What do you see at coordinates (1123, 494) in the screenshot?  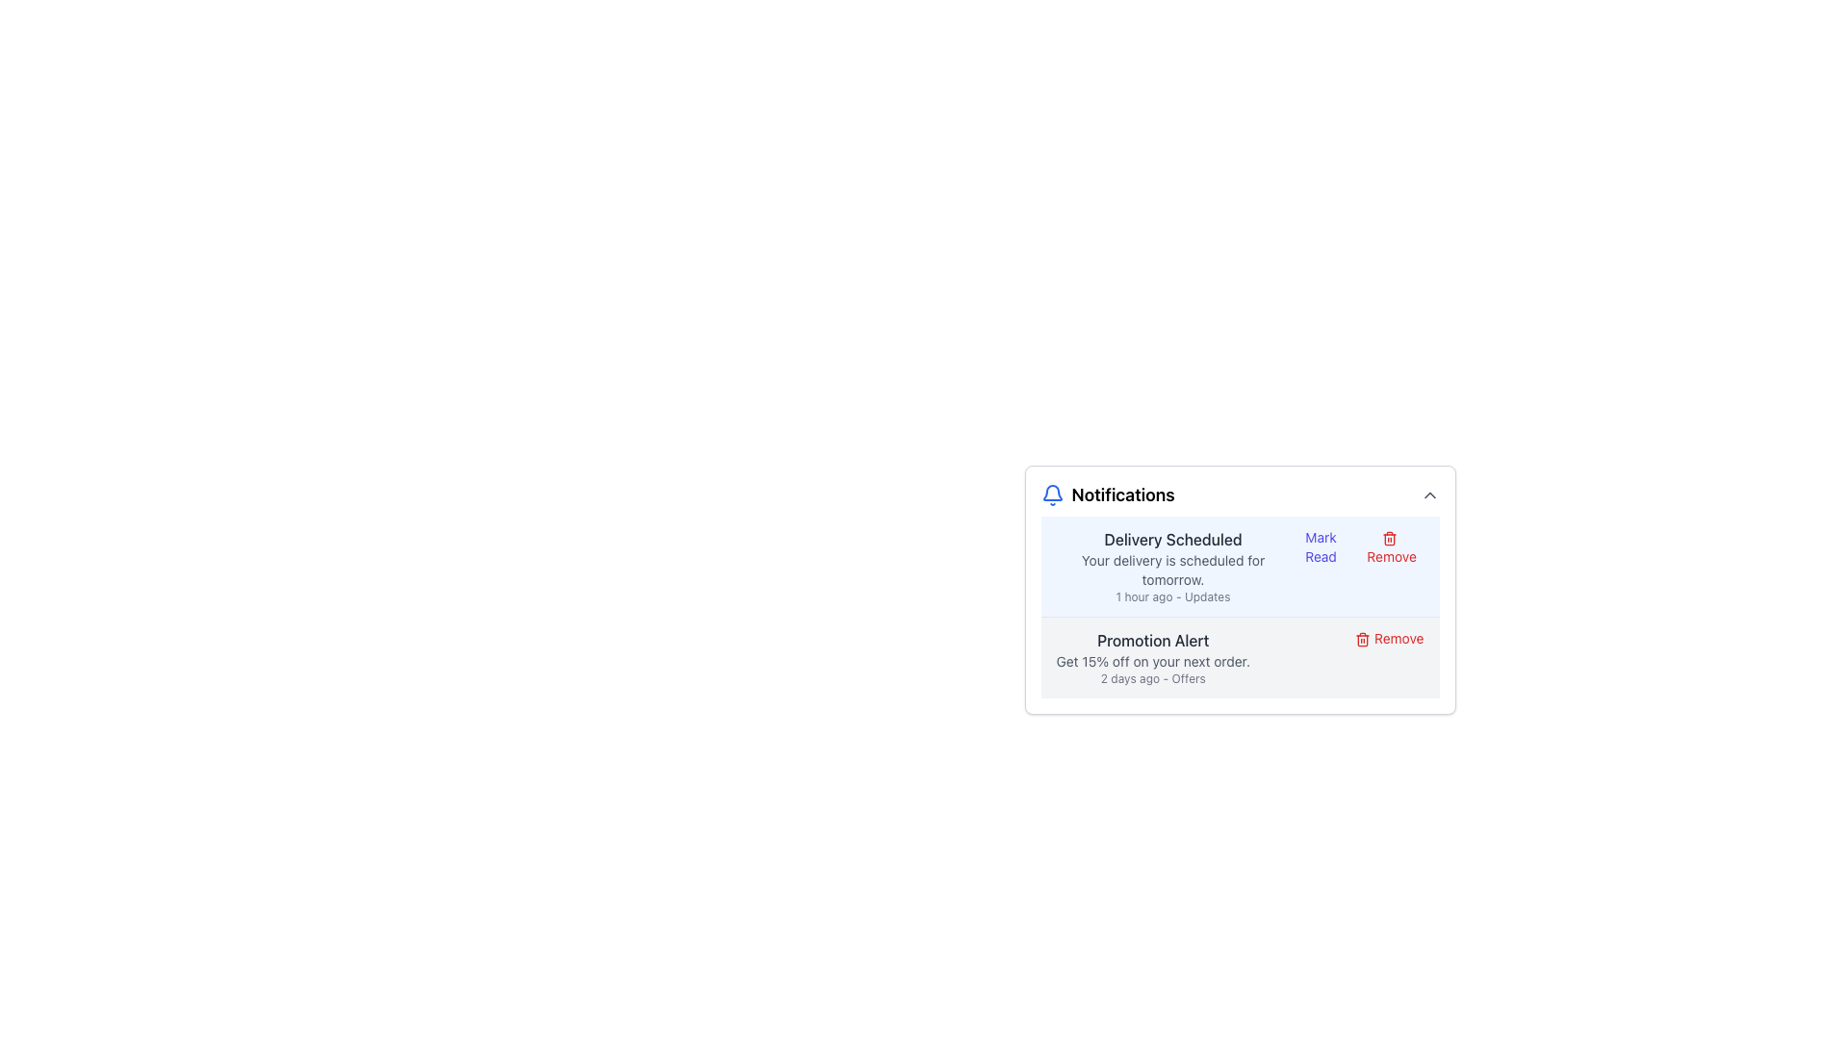 I see `the bold, prominent text element styled as a header with the text 'Notifications', located at the top of the notifications section` at bounding box center [1123, 494].